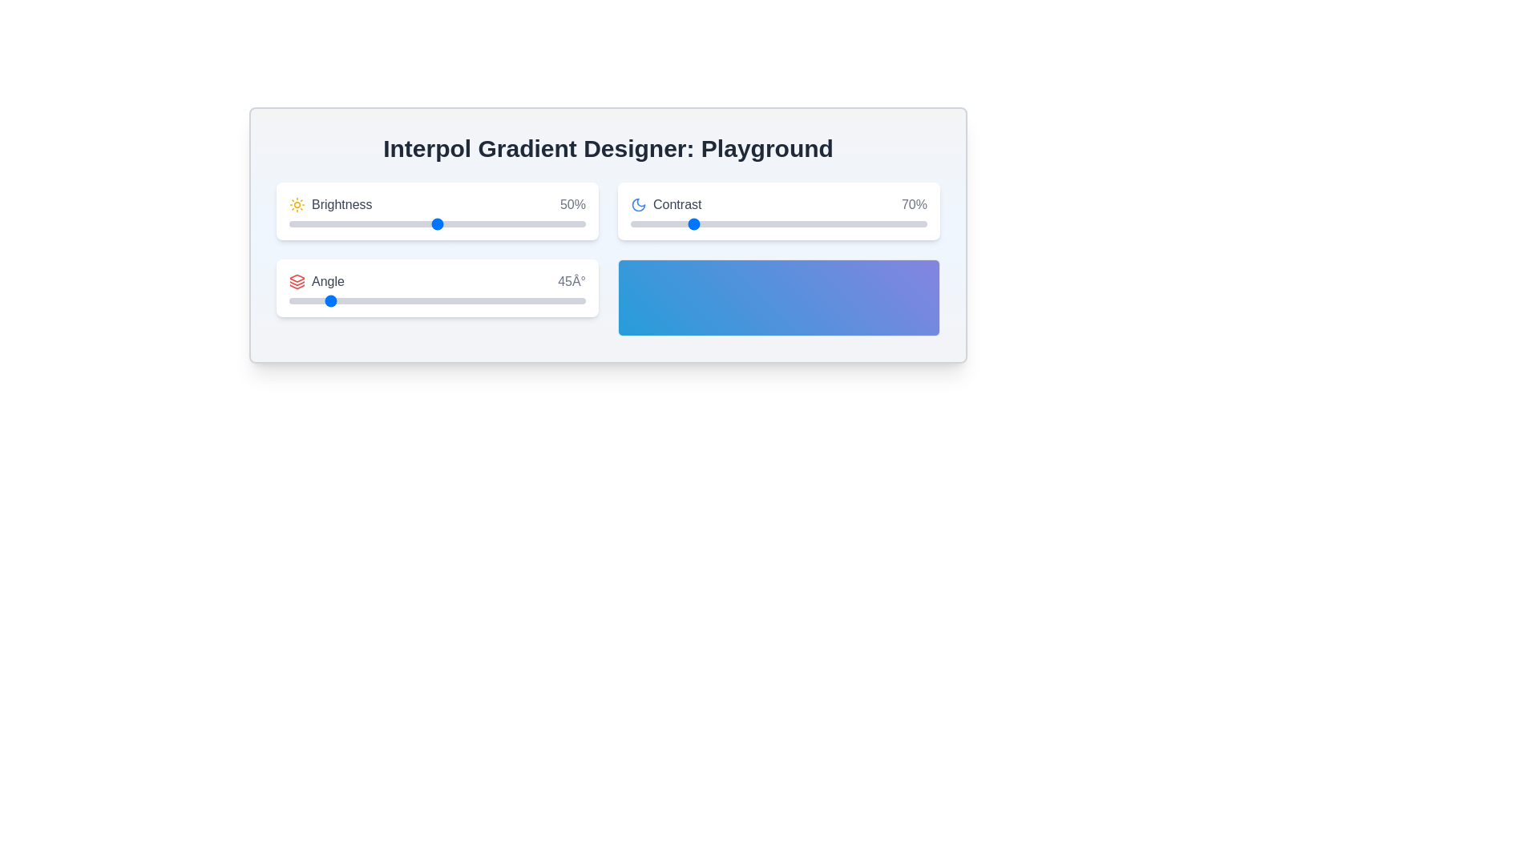  What do you see at coordinates (721, 224) in the screenshot?
I see `the contrast level` at bounding box center [721, 224].